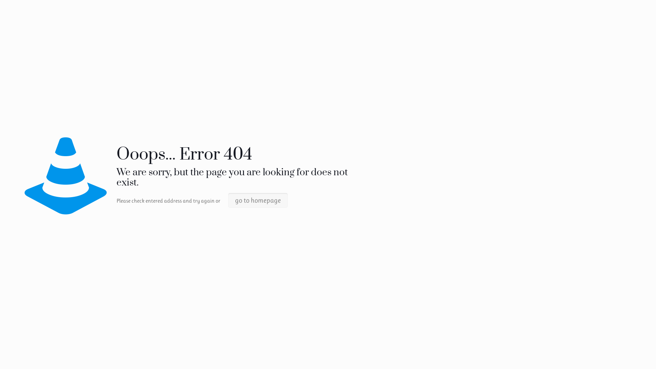 The image size is (656, 369). I want to click on 'go to homepage', so click(257, 200).